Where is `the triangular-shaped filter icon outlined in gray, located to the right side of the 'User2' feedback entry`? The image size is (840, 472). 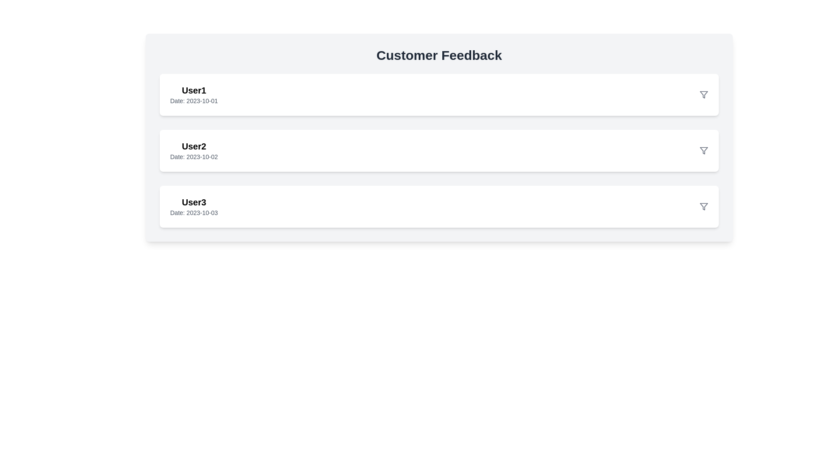
the triangular-shaped filter icon outlined in gray, located to the right side of the 'User2' feedback entry is located at coordinates (703, 207).